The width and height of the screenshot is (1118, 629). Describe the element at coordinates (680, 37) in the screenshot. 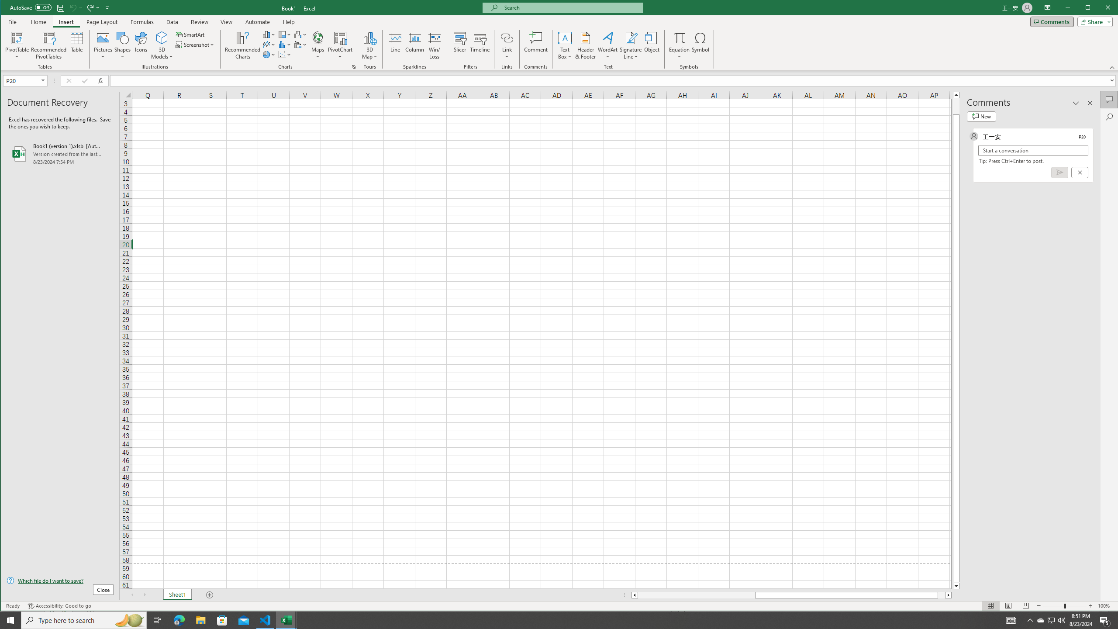

I see `'Equation'` at that location.